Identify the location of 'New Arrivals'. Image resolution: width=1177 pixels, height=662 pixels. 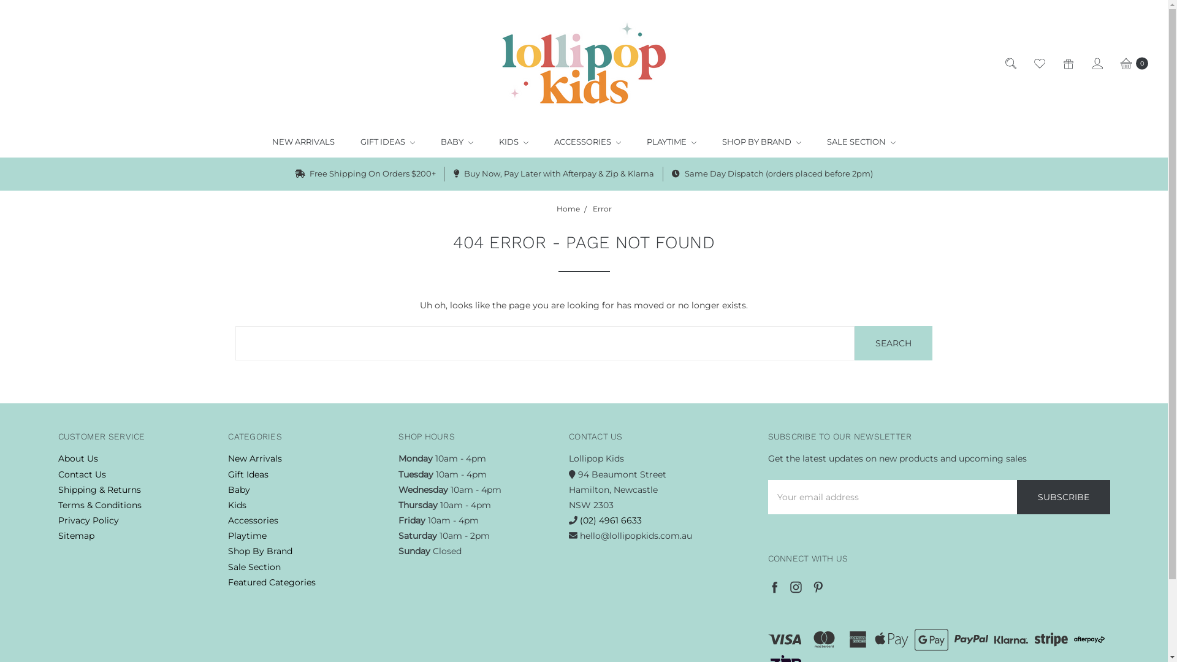
(254, 458).